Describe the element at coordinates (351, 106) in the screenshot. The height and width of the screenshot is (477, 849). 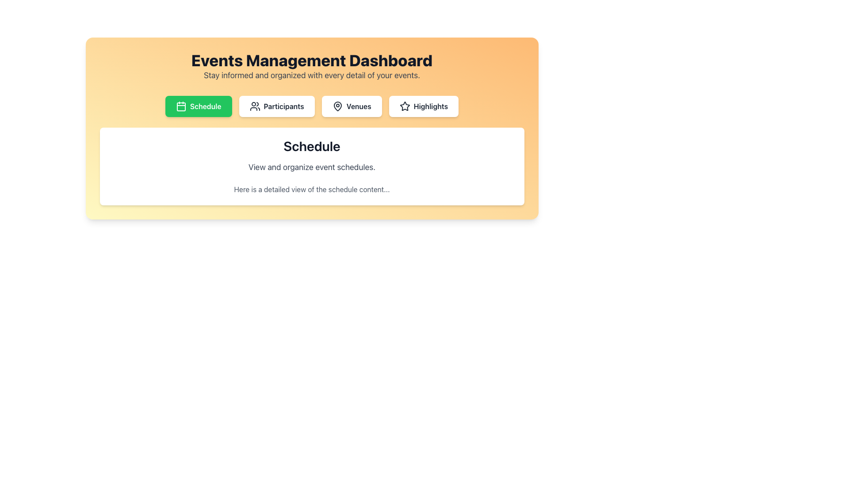
I see `the 'Venues' button, which is a rectangular button with rounded corners, white background, and dark gray map pin icon, located third from the left in the button row under 'Events Management Dashboard'` at that location.